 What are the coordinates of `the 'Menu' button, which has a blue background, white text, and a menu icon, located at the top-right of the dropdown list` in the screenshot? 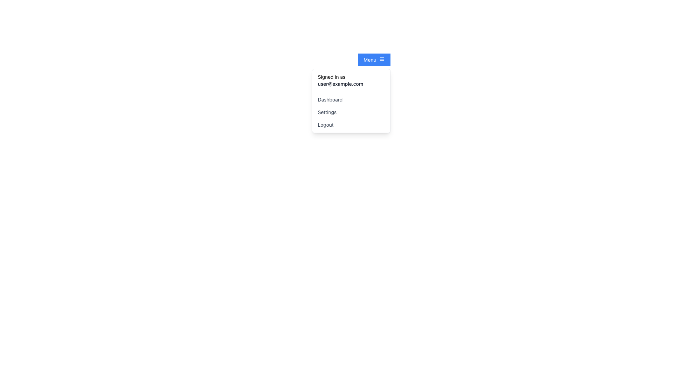 It's located at (374, 59).